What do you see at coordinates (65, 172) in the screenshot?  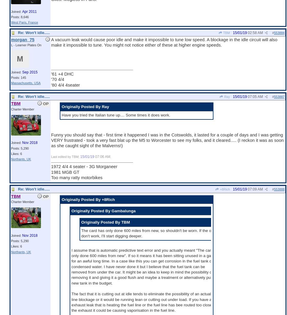 I see `'1981 MGB GT'` at bounding box center [65, 172].